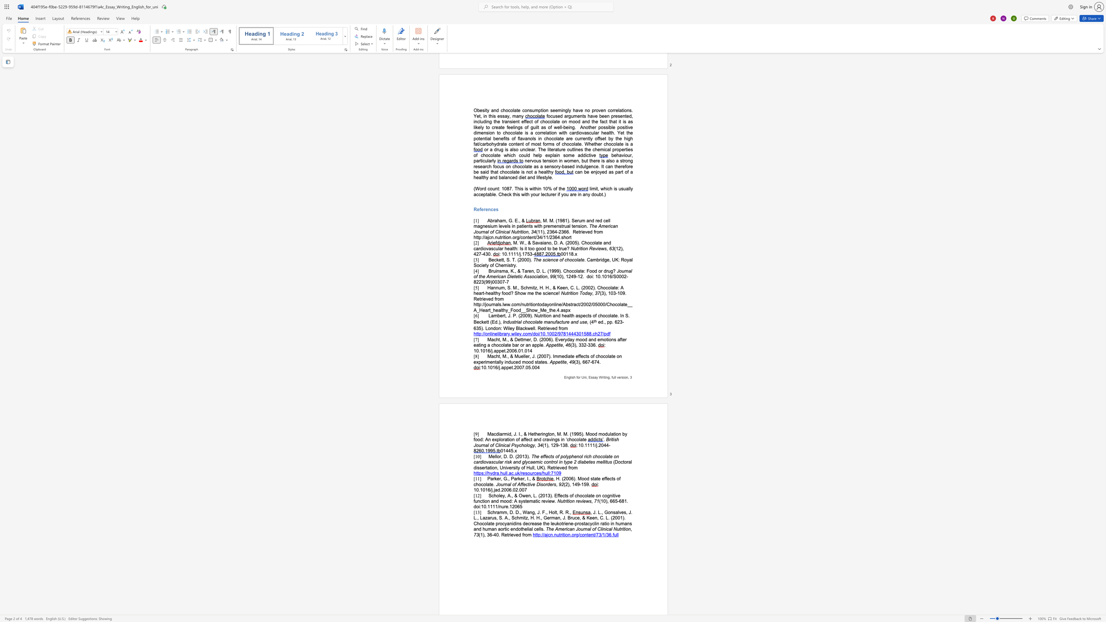 This screenshot has width=1106, height=622. What do you see at coordinates (490, 523) in the screenshot?
I see `the subset text "te procyanidins decrease the leukotriene-prosta" within the text ", J. L., Gonsalves, J. L., Lazarus, S. A., Schmitz, H. H., German, J. Bruce, & Keen, C. L. (2001). Chocolate procyanidins decrease the leukotriene-prostacyclin ratio in humans and human aortic endothelial cells."` at bounding box center [490, 523].